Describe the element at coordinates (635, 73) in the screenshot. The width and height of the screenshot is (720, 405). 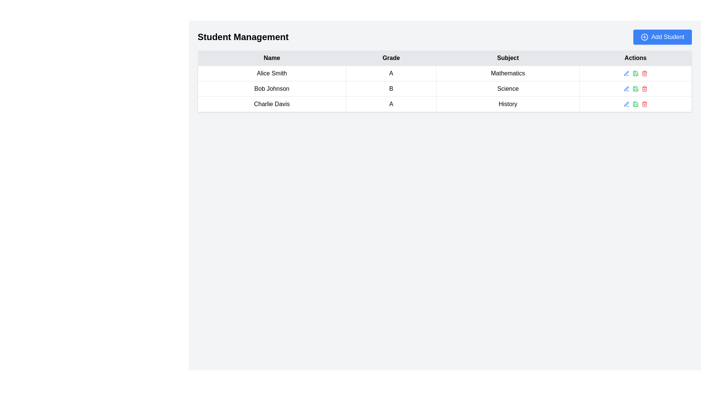
I see `the green-colored save icon button located in the 'Actions' column for the third student, 'Charlie Davis'` at that location.